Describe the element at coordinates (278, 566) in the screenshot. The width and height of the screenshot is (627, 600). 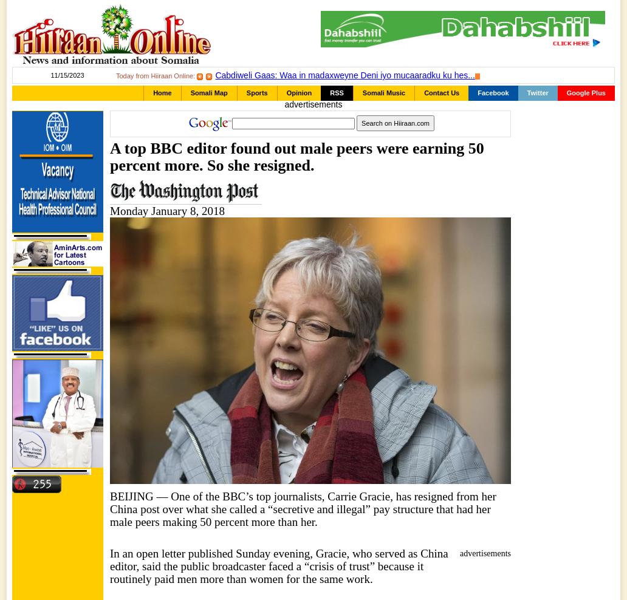
I see `'In an open letter published Sunday evening, Gracie, who served as China editor, said the public broadcaster faced a “crisis of trust” because it routinely paid men more than women for the same work.'` at that location.